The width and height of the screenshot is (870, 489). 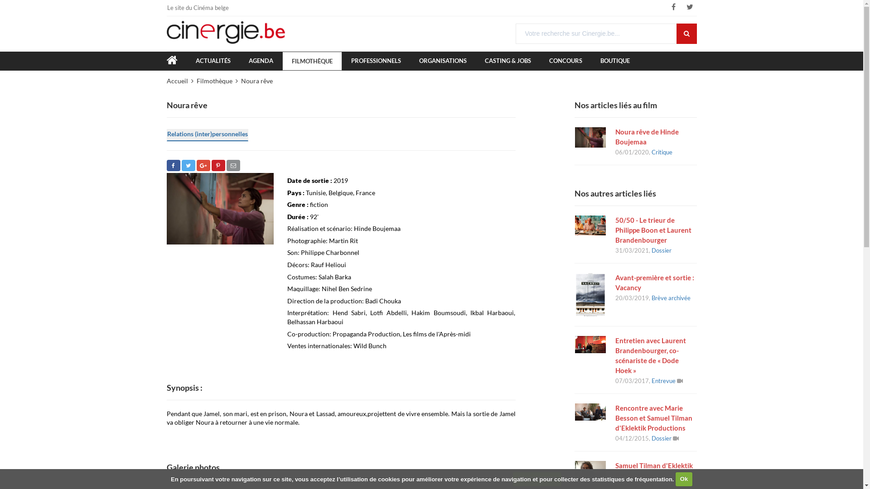 What do you see at coordinates (548, 61) in the screenshot?
I see `'CONCOURS'` at bounding box center [548, 61].